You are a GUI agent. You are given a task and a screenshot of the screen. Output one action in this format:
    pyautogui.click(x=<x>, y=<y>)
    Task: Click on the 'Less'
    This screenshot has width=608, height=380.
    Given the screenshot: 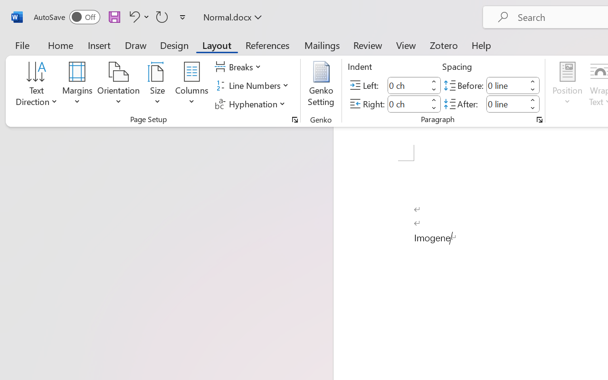 What is the action you would take?
    pyautogui.click(x=532, y=108)
    